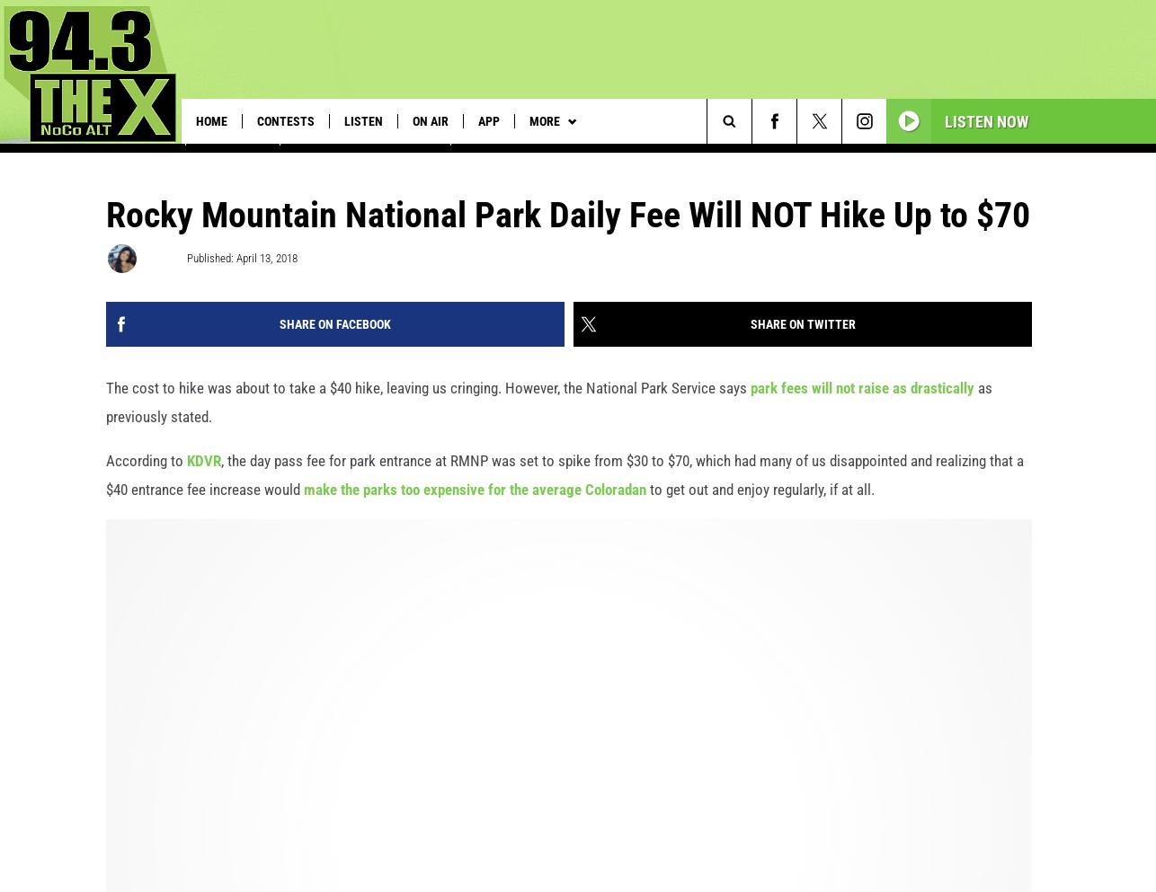  Describe the element at coordinates (42, 156) in the screenshot. I see `'Trending:'` at that location.